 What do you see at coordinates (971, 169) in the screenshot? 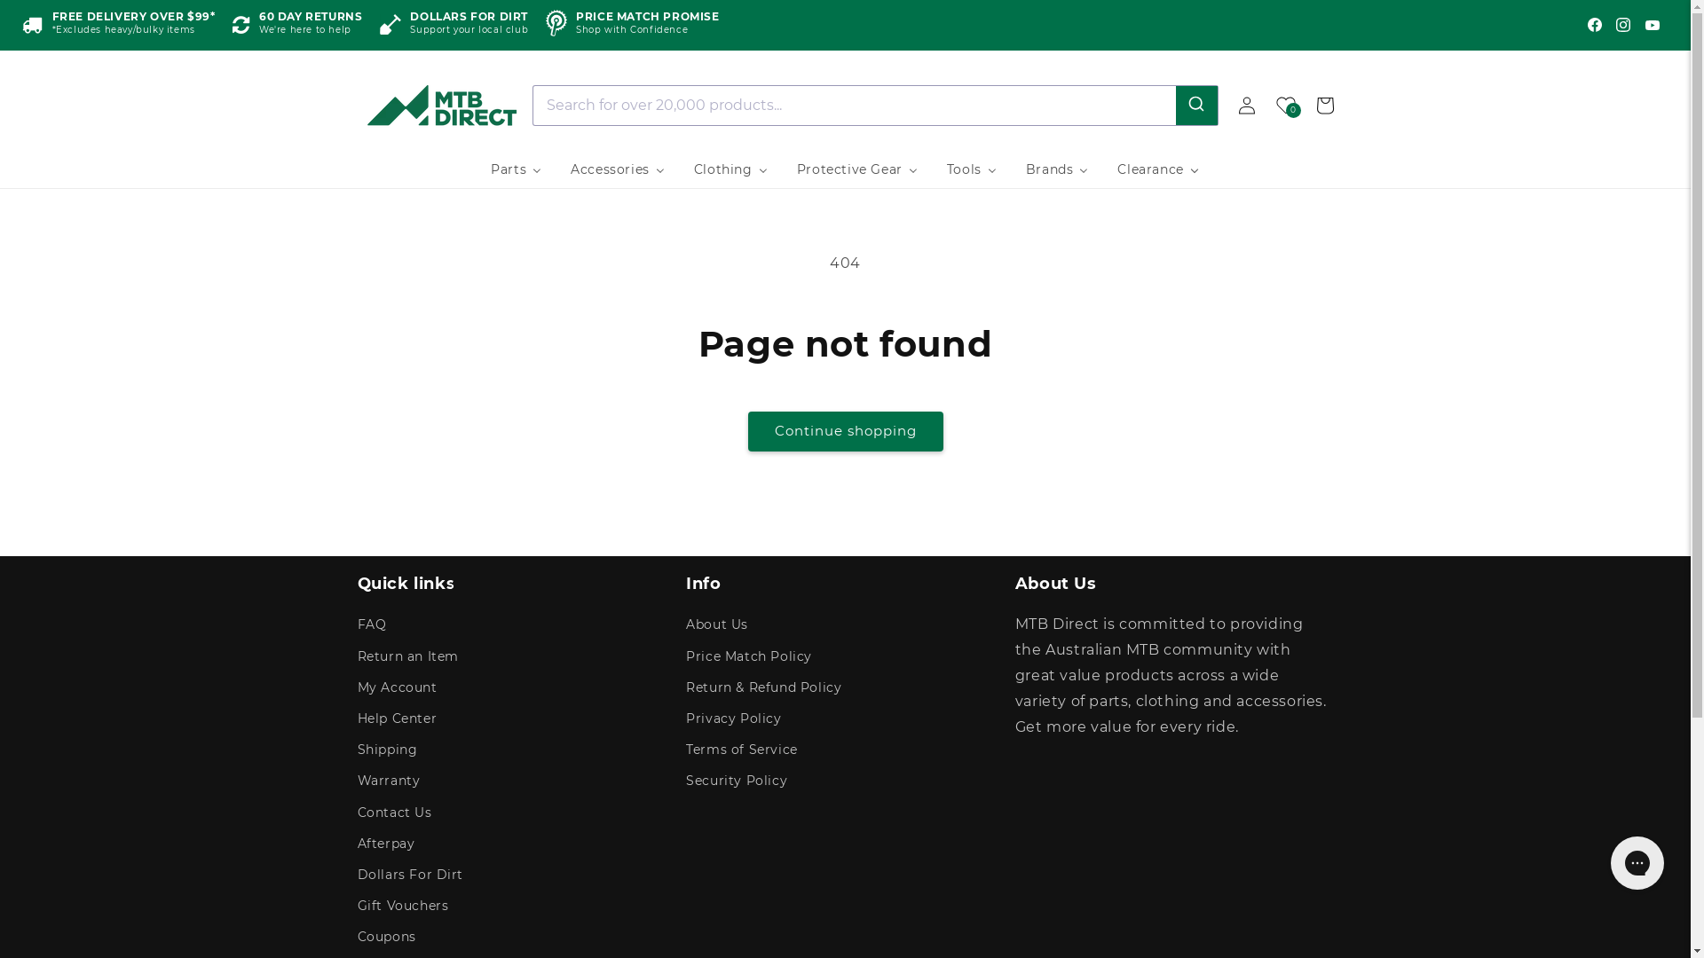
I see `'Tools'` at bounding box center [971, 169].